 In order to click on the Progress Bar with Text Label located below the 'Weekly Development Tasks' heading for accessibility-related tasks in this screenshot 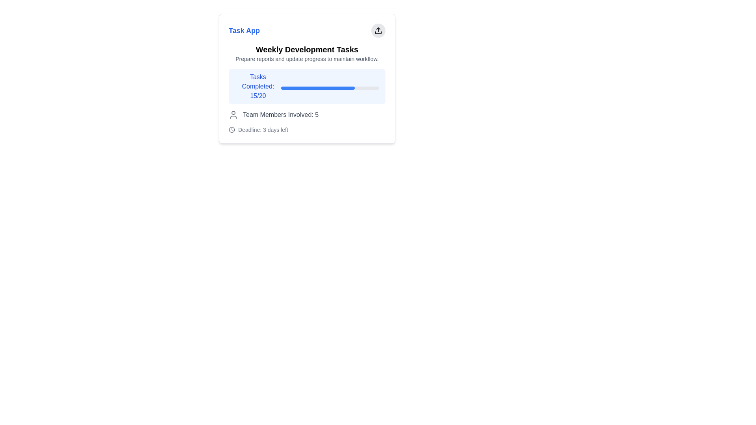, I will do `click(306, 86)`.